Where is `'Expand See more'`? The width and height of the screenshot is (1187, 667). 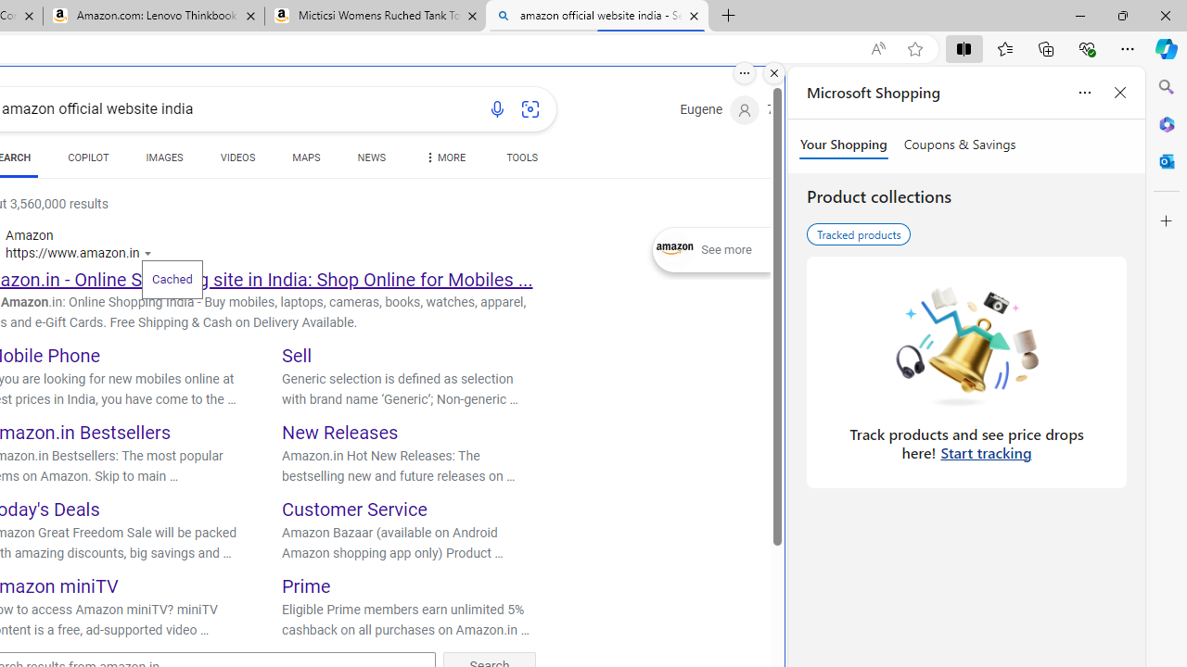 'Expand See more' is located at coordinates (710, 250).